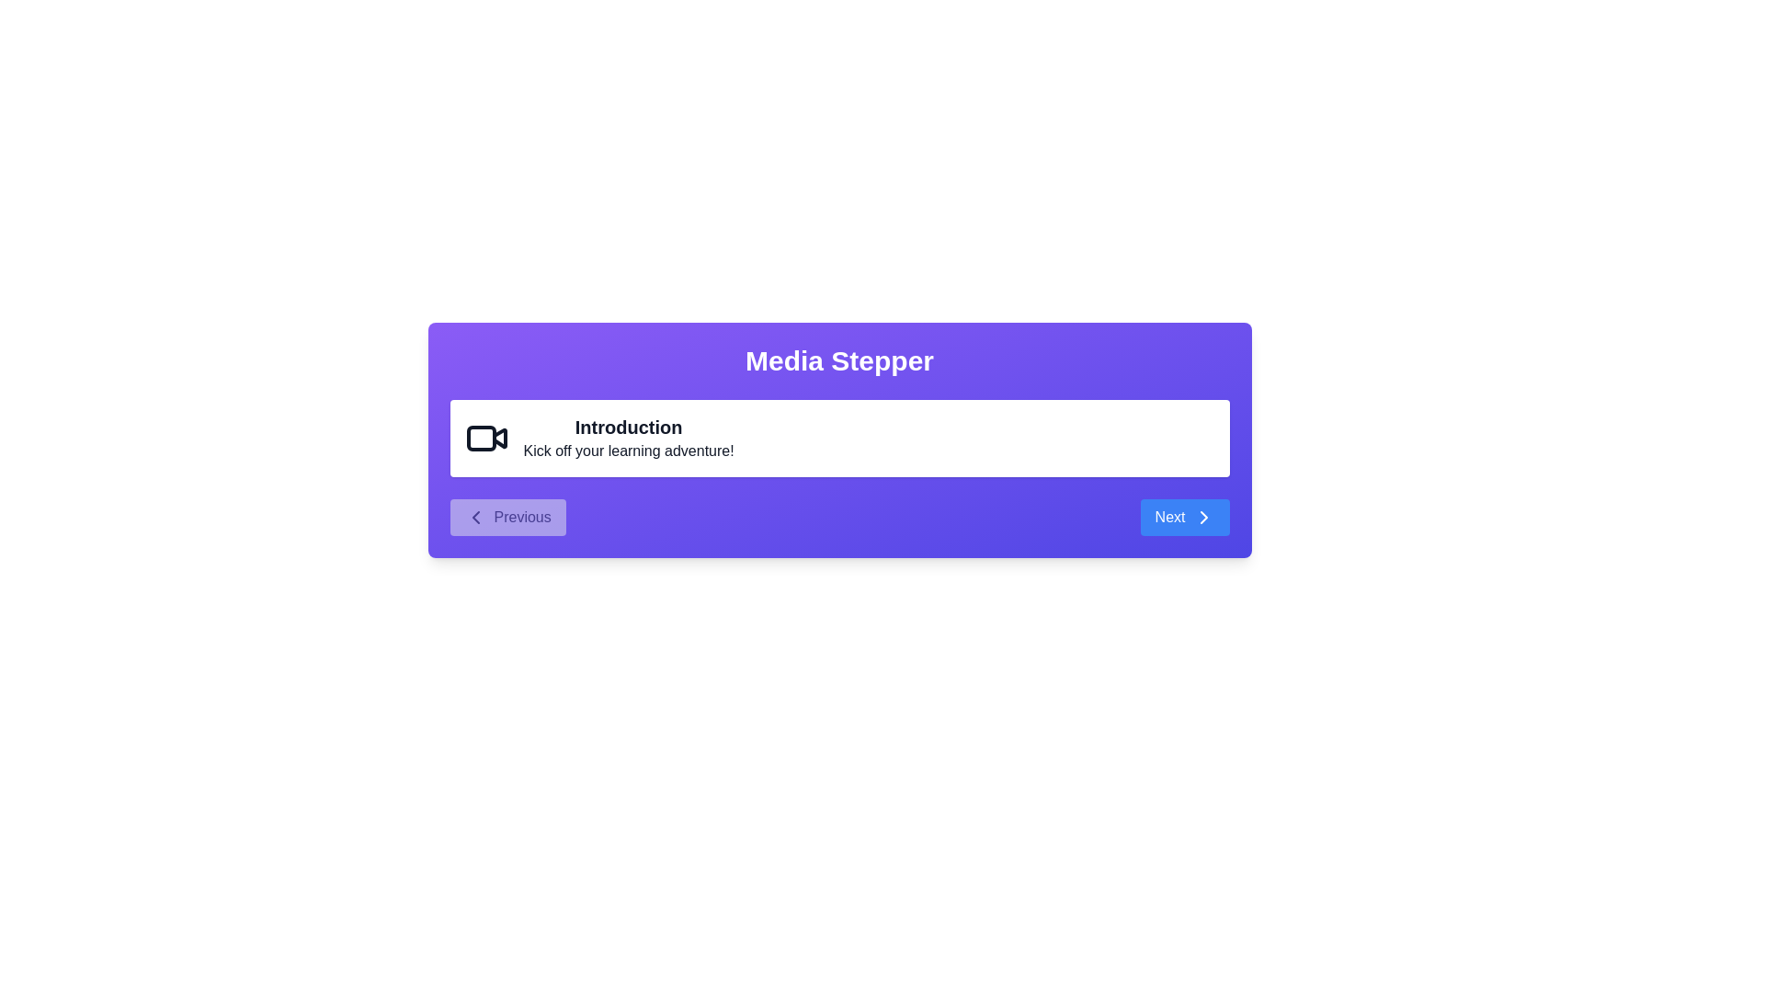 This screenshot has width=1765, height=993. I want to click on the 'Next' button to navigate to the next step, so click(1185, 518).